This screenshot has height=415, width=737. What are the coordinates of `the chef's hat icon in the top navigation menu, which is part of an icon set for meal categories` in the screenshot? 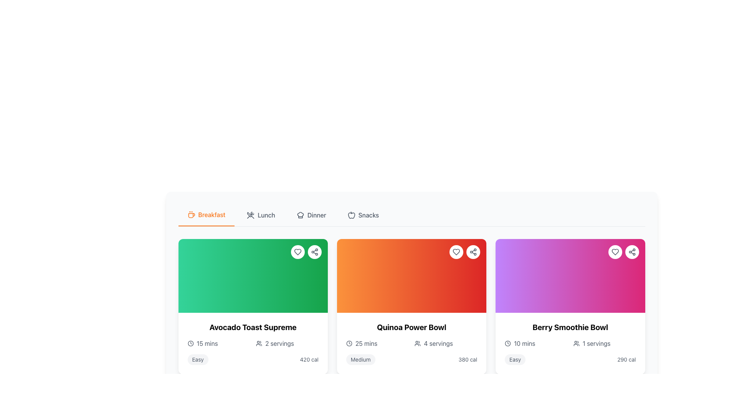 It's located at (300, 215).